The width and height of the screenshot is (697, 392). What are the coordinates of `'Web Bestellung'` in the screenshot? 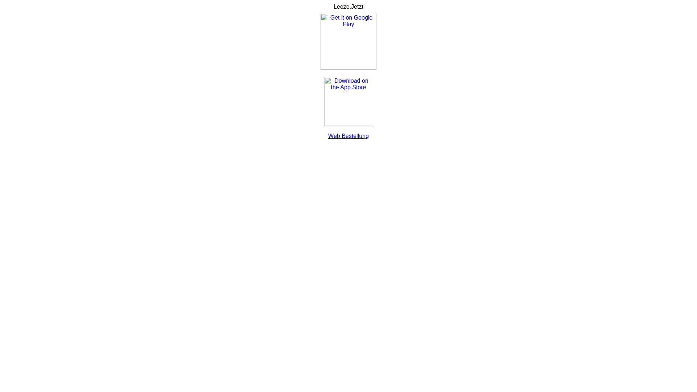 It's located at (348, 136).